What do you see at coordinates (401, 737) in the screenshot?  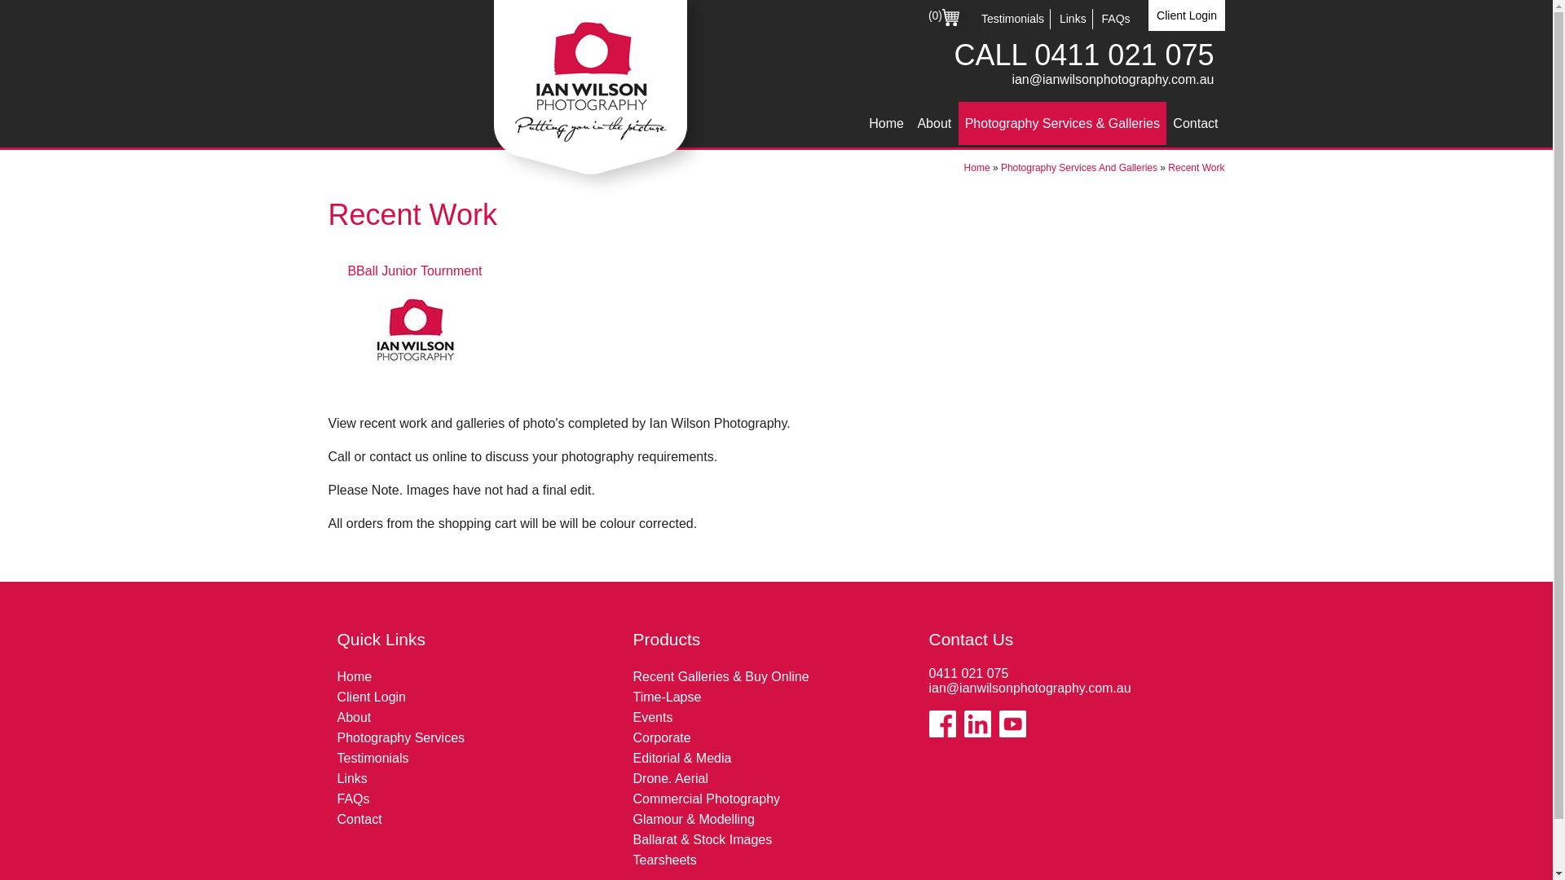 I see `'Photography Services'` at bounding box center [401, 737].